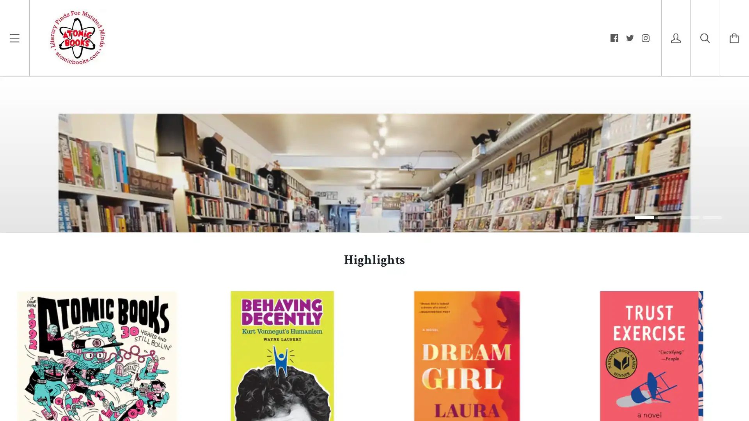 The width and height of the screenshot is (749, 421). Describe the element at coordinates (644, 384) in the screenshot. I see `1` at that location.